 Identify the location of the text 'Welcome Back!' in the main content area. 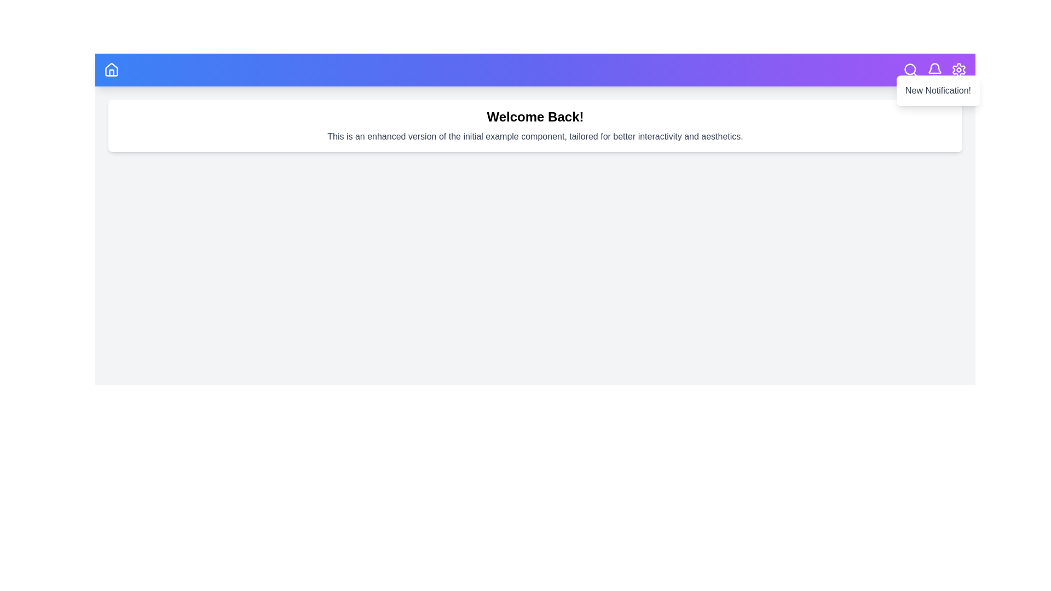
(117, 108).